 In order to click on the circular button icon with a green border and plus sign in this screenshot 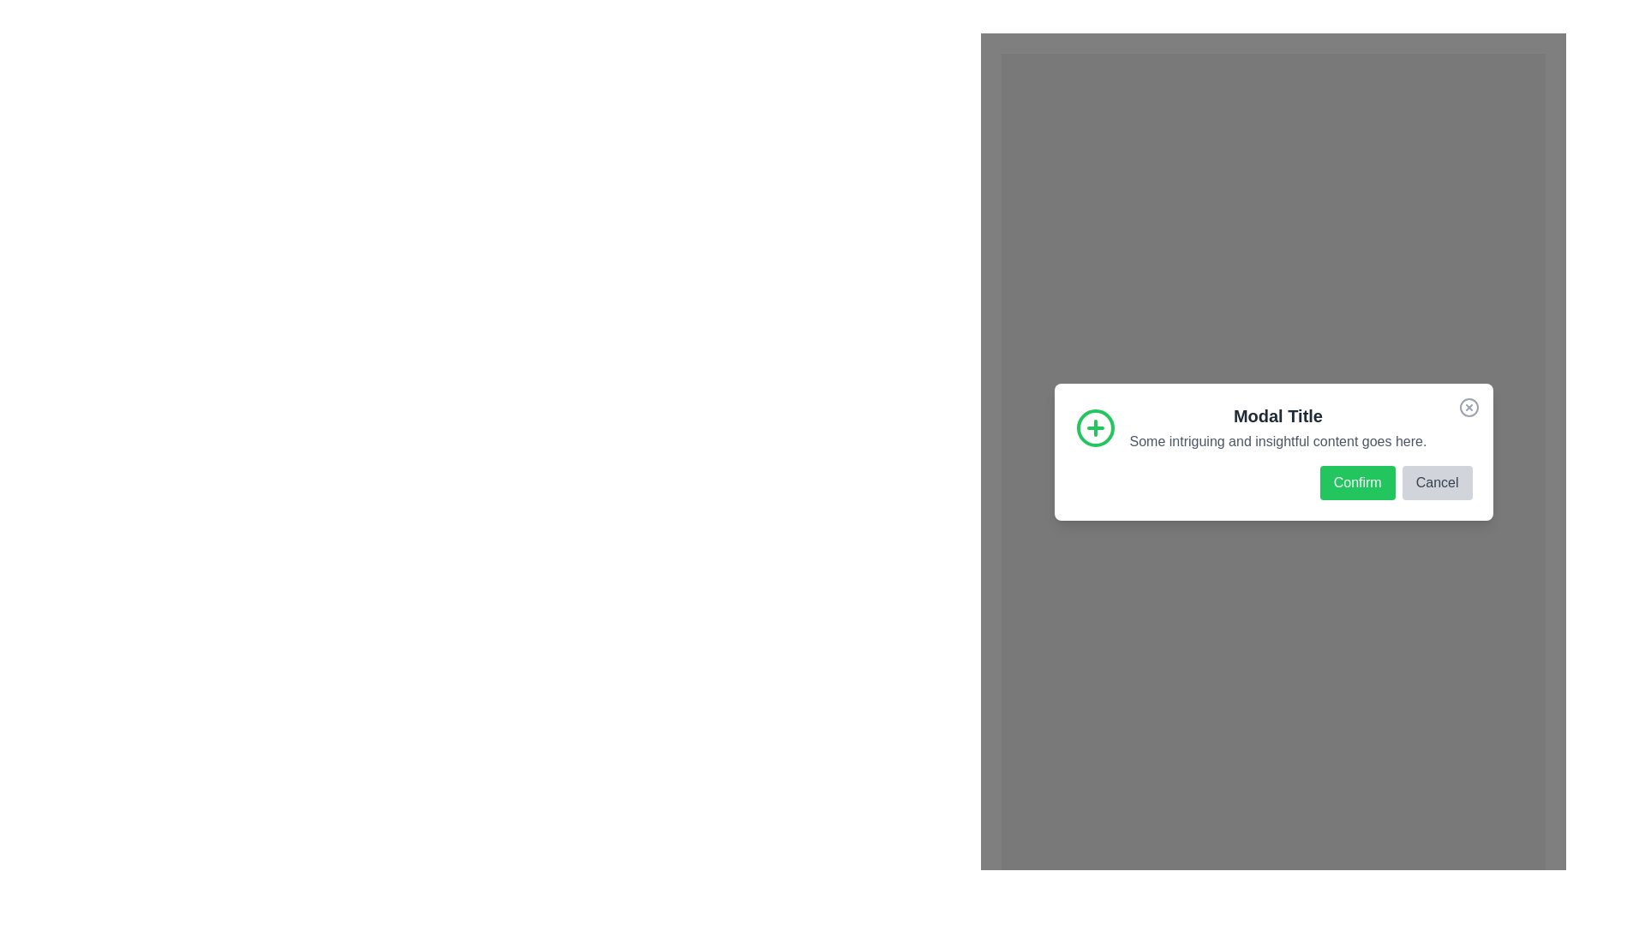, I will do `click(1094, 427)`.